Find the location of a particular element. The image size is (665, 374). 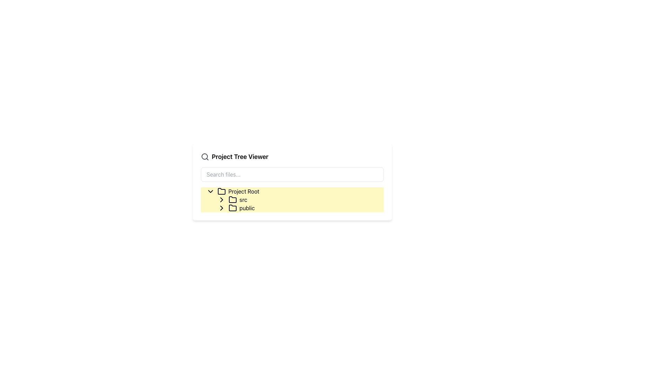

the small rightward-pointing chevron icon adjacent to the 'public' folder label in the directory tree viewer is located at coordinates (221, 200).